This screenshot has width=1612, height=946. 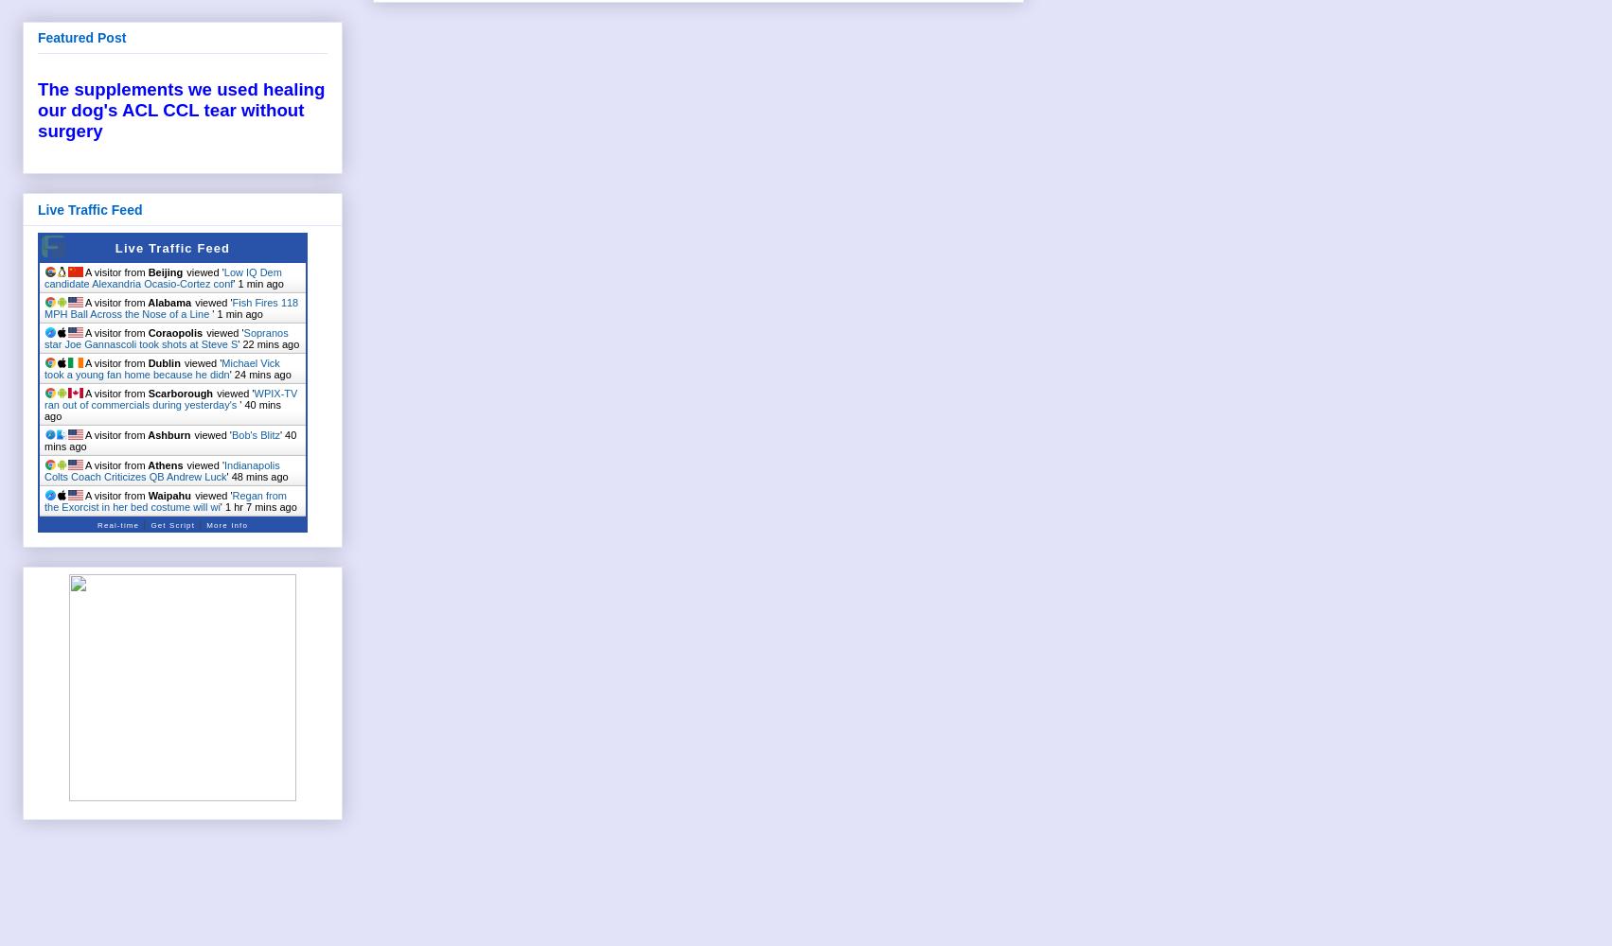 What do you see at coordinates (258, 476) in the screenshot?
I see `'48 mins ago'` at bounding box center [258, 476].